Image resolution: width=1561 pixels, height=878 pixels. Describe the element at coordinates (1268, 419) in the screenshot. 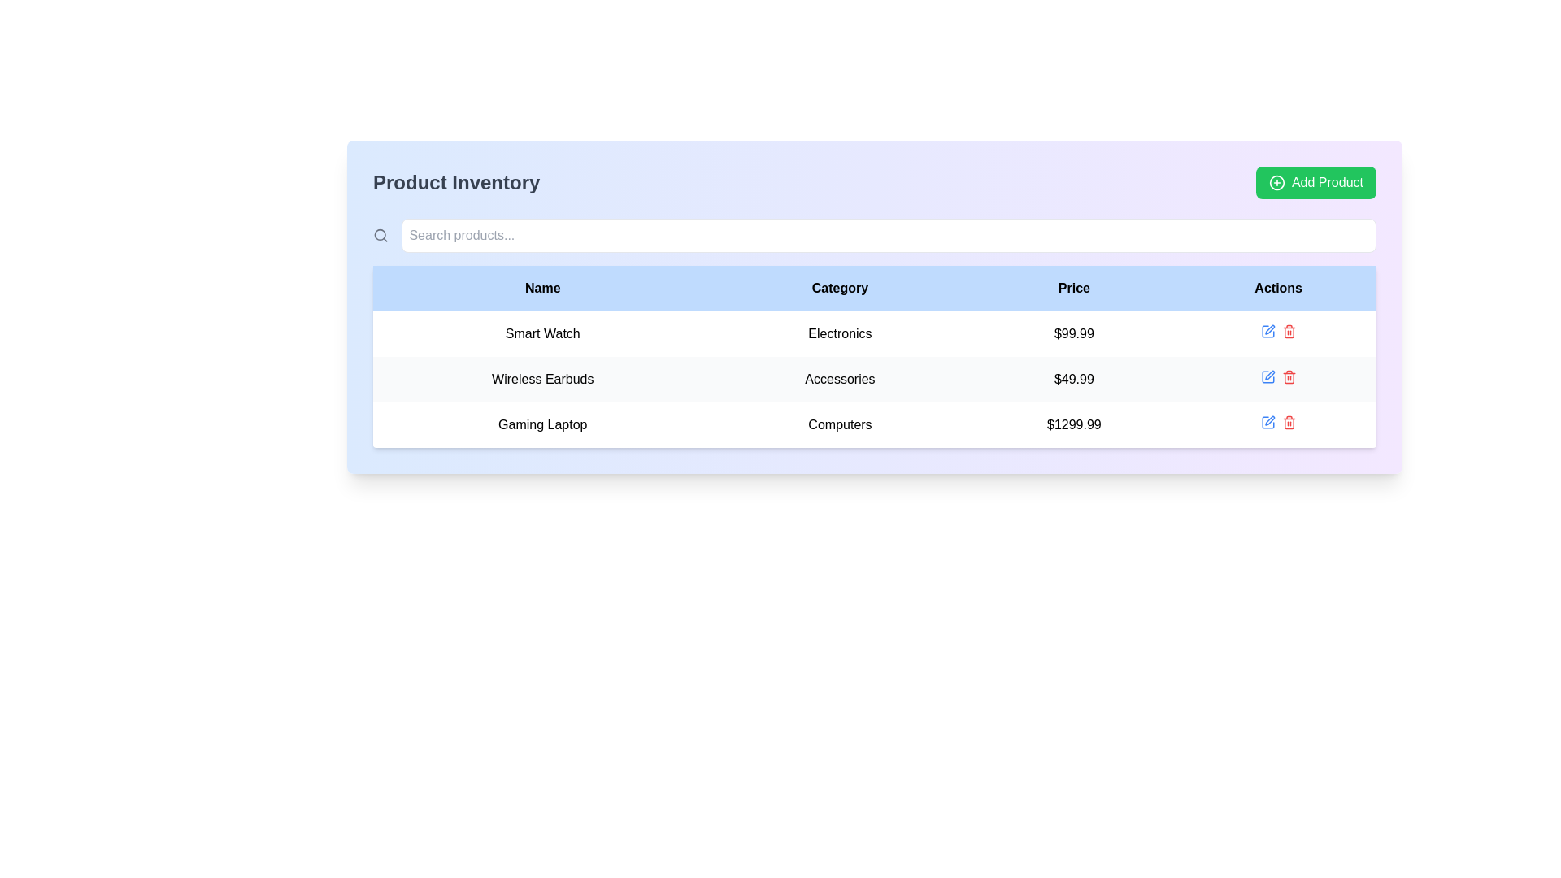

I see `the small pen icon within the 'Actions' column of the table, positioned on the rightmost side of the 'Gaming Laptop' entry` at that location.